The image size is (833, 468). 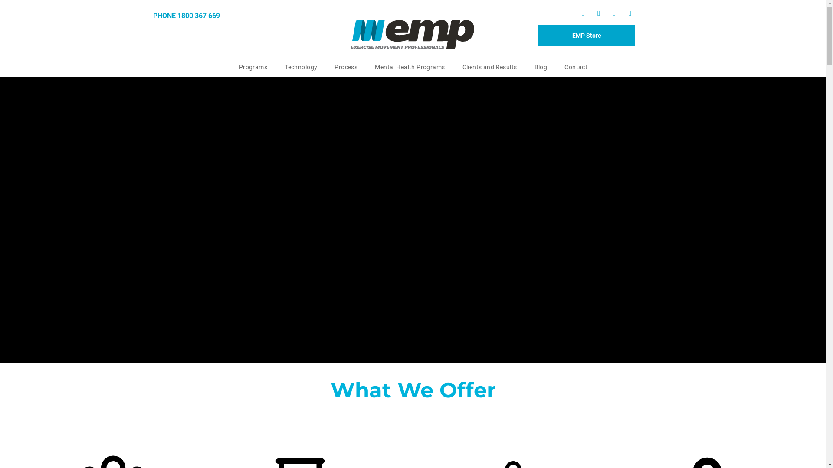 What do you see at coordinates (453, 67) in the screenshot?
I see `'Clients and Results'` at bounding box center [453, 67].